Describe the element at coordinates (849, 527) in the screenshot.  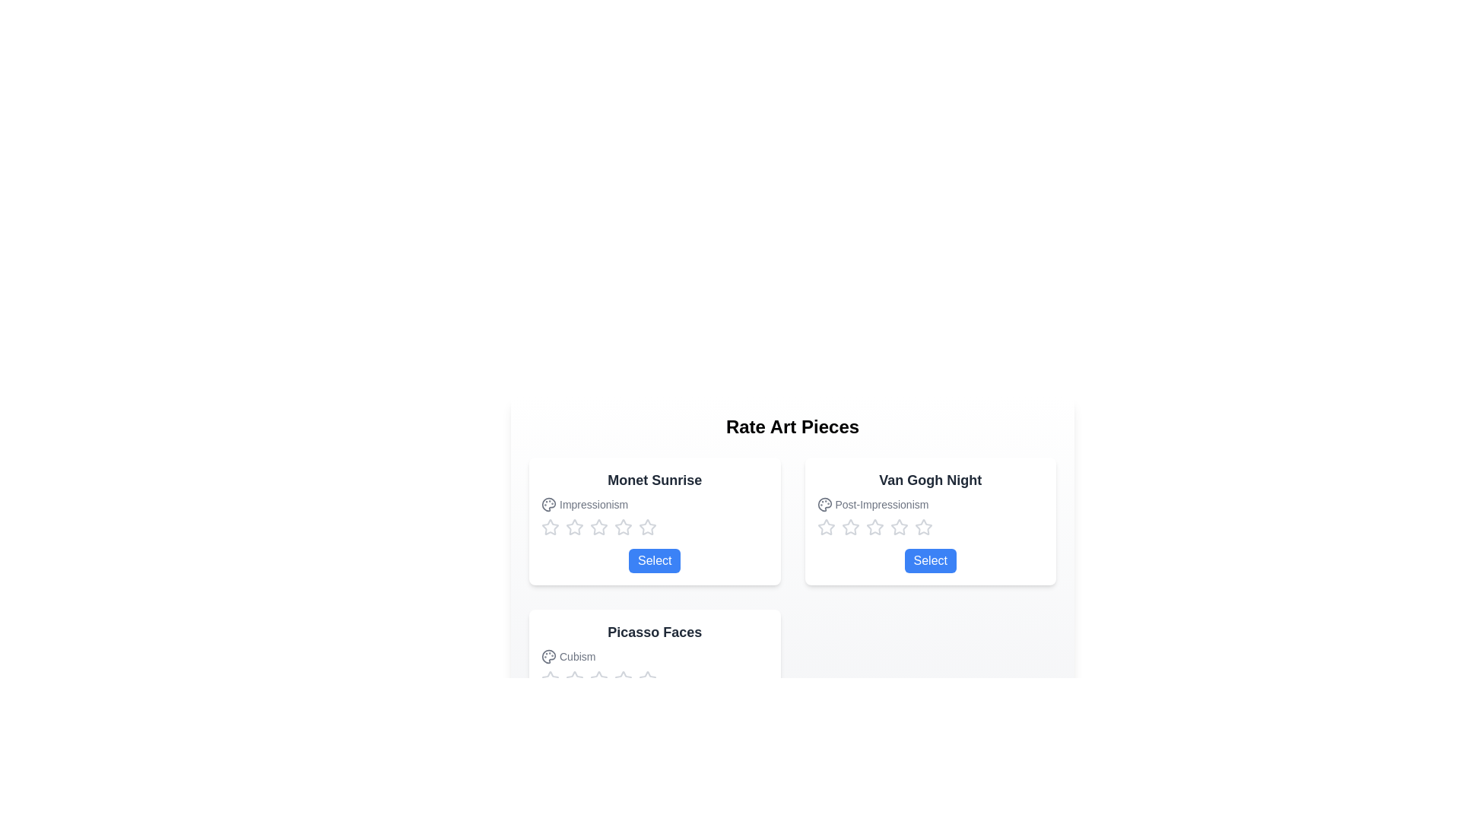
I see `the second star icon in the 'Van Gogh Night' section under 'Post-Impressionism' to rate it` at that location.